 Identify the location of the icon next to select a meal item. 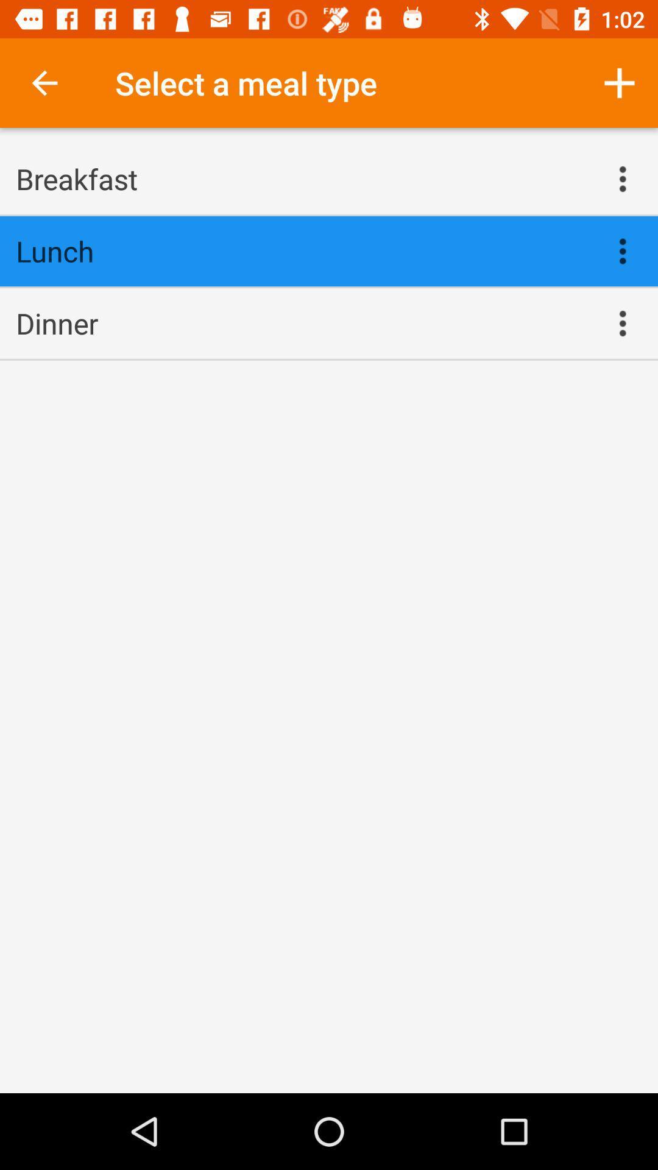
(44, 82).